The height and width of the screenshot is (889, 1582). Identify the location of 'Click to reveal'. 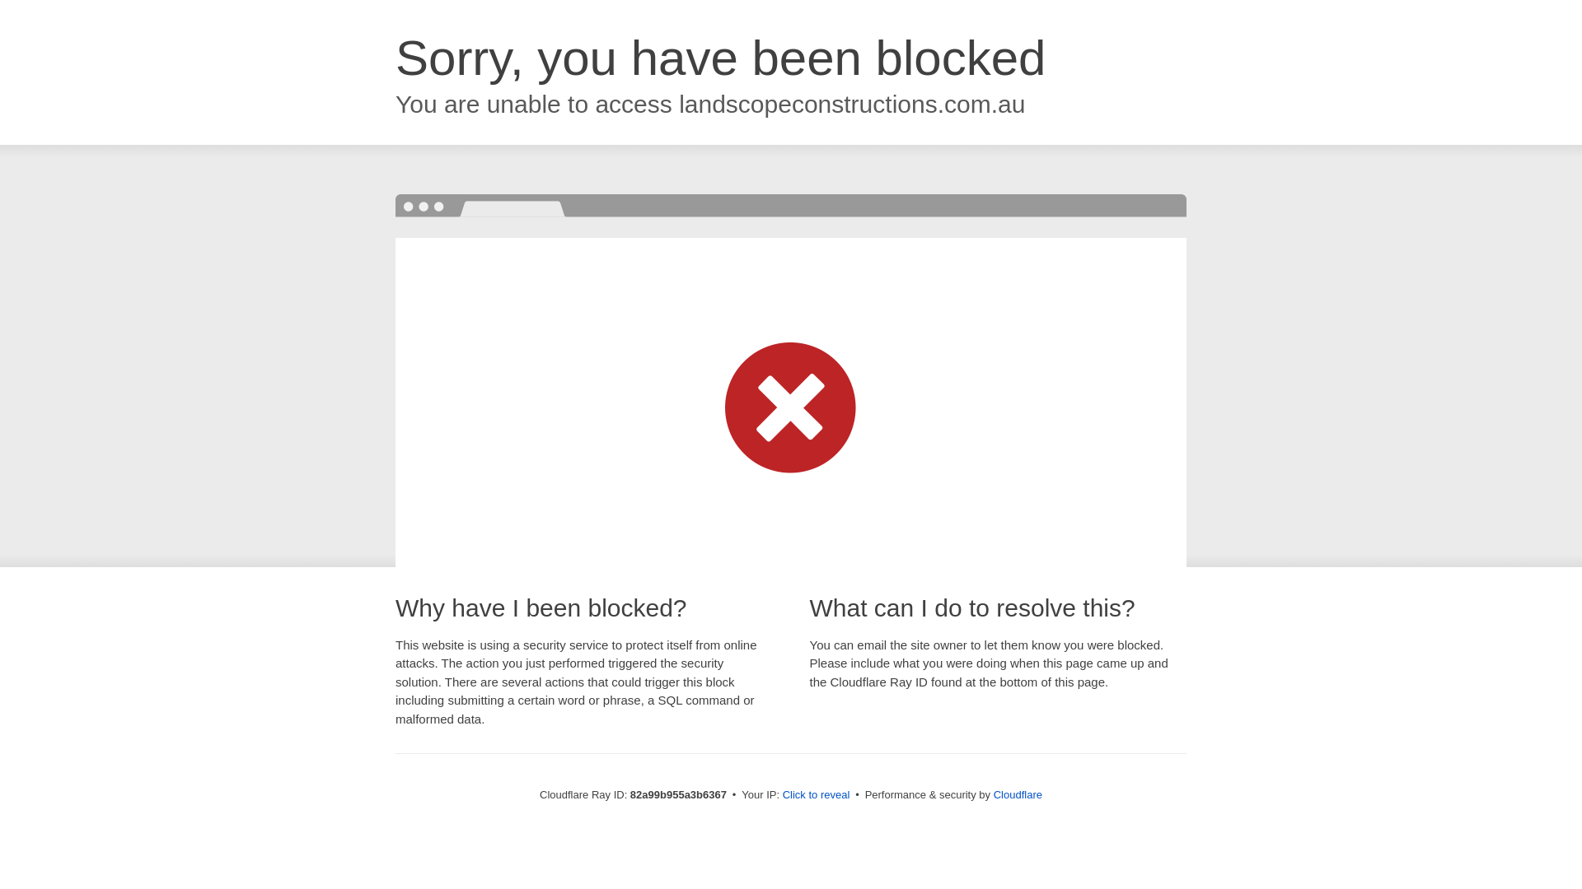
(816, 794).